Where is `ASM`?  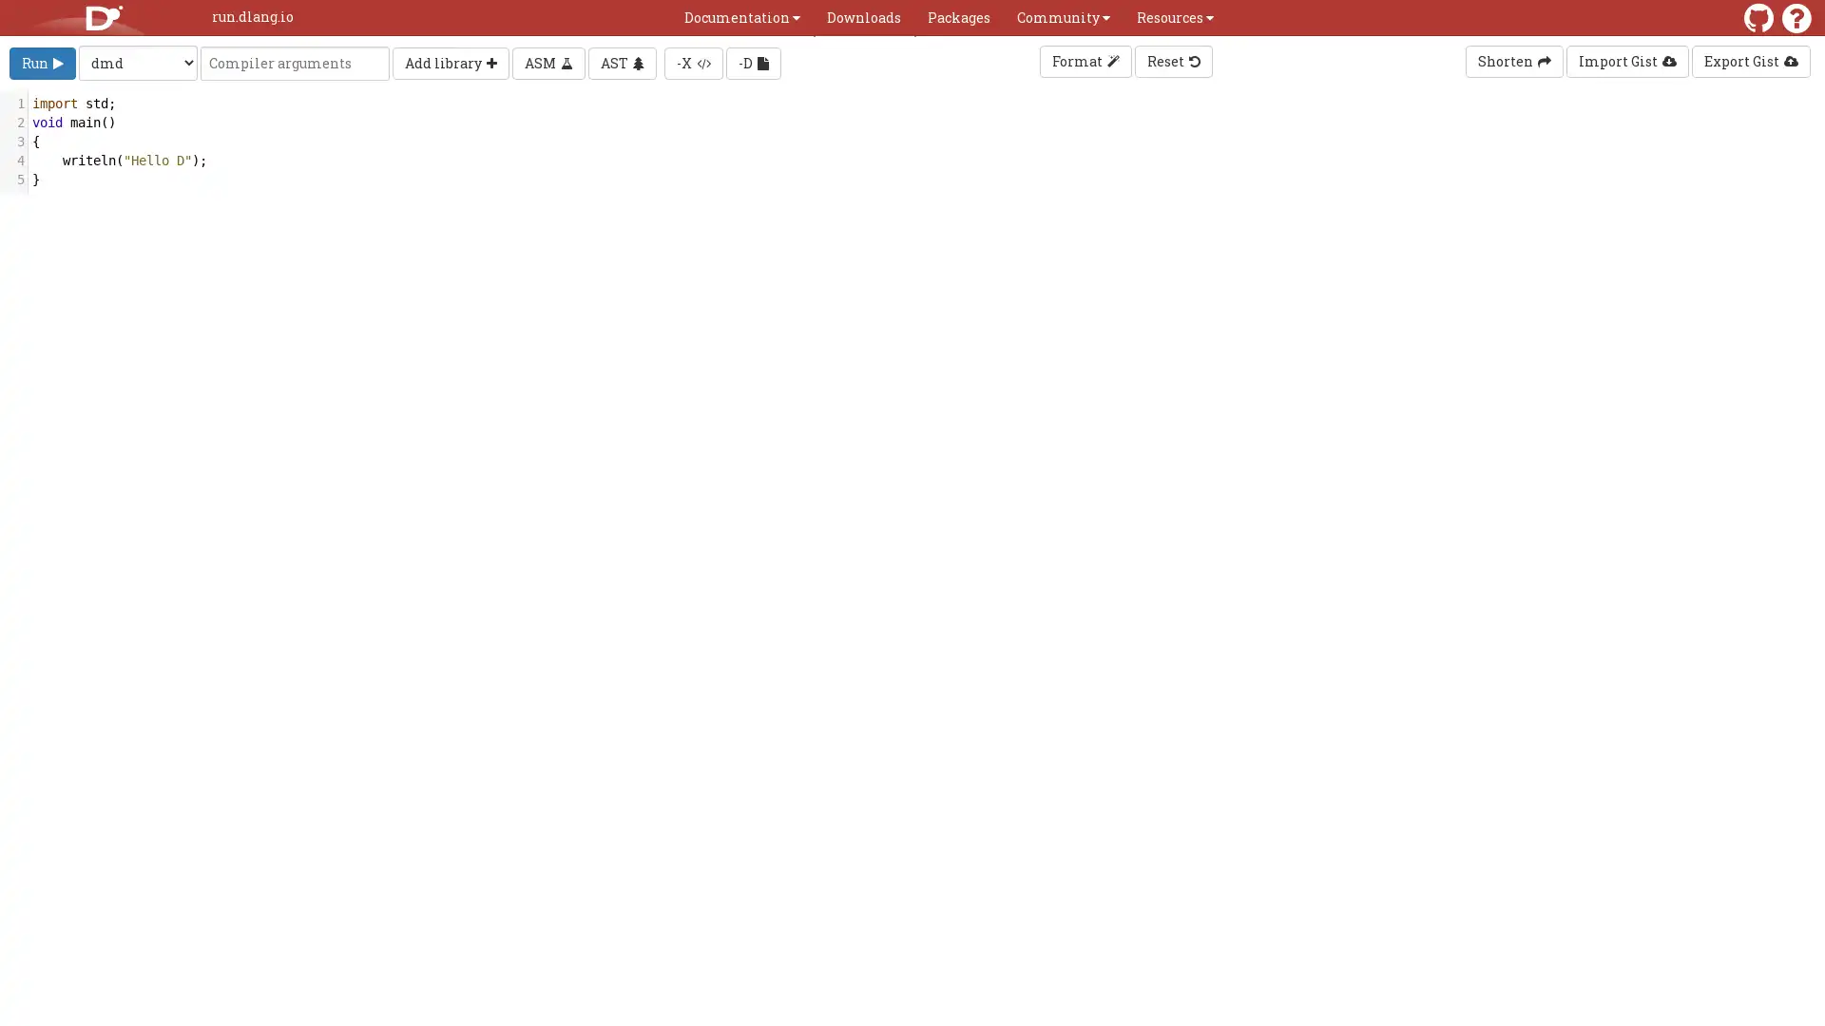 ASM is located at coordinates (547, 61).